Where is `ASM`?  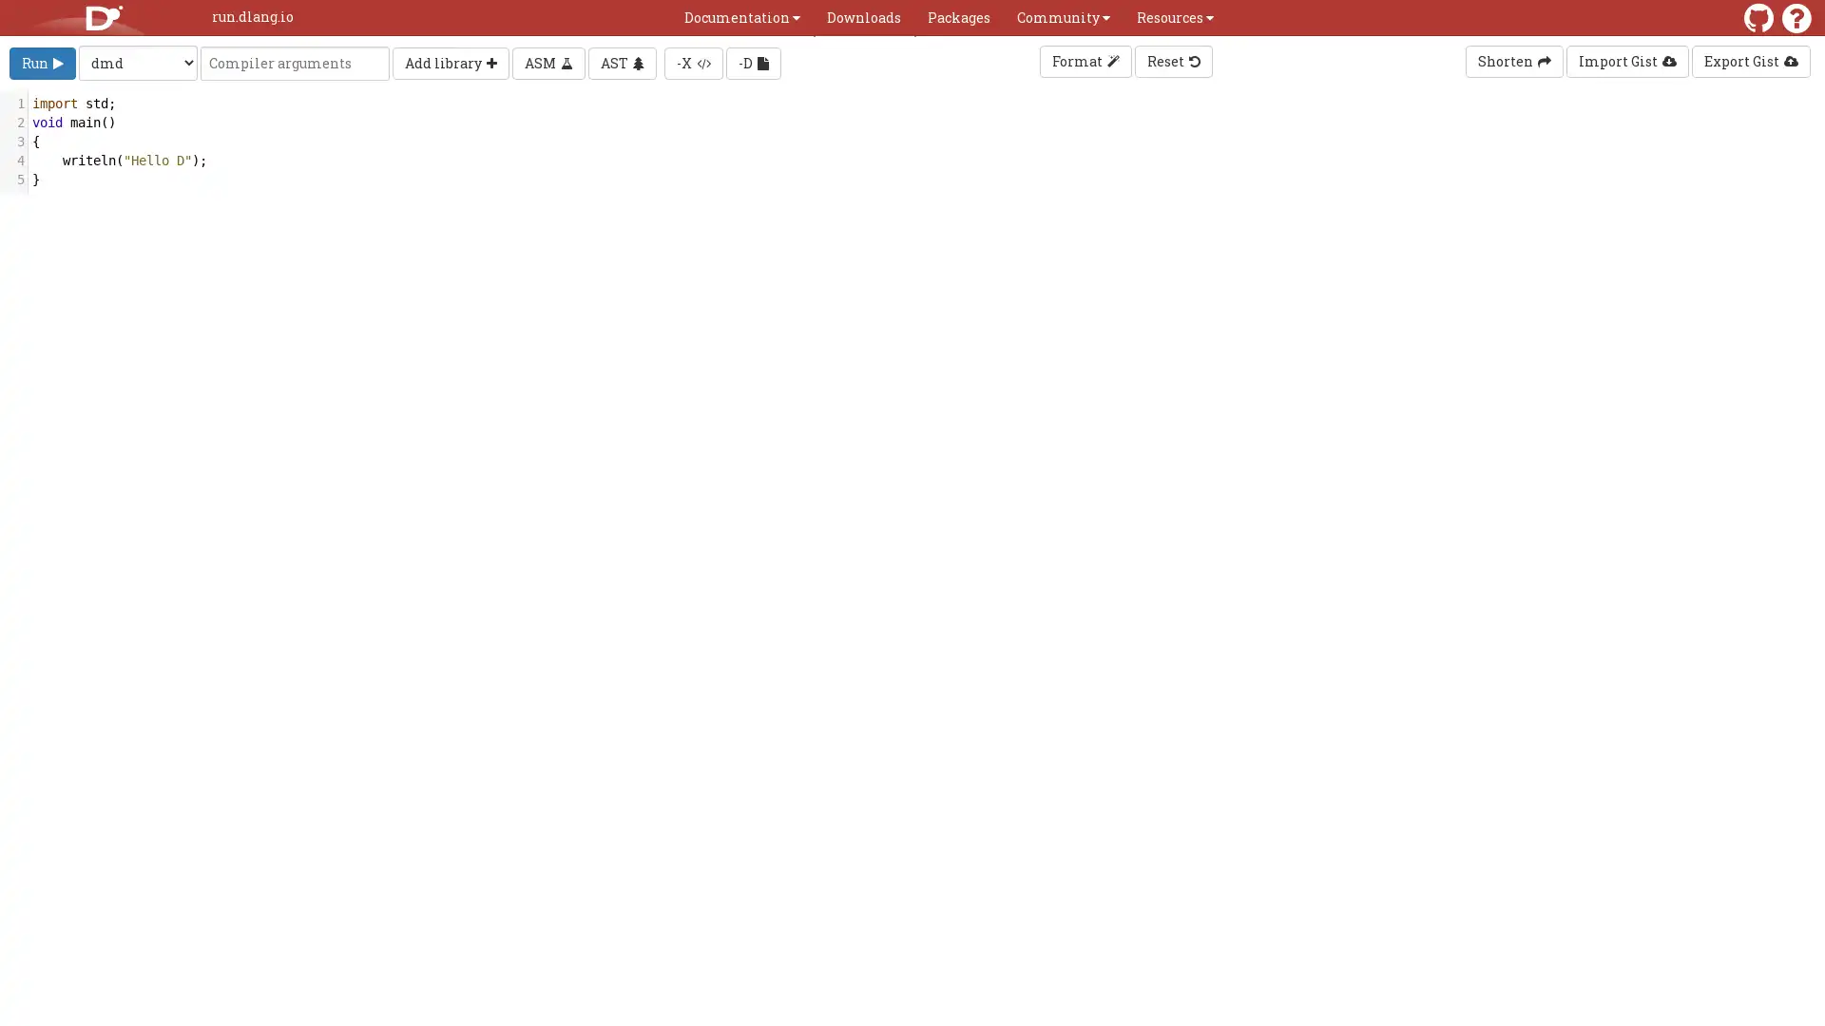 ASM is located at coordinates (547, 61).